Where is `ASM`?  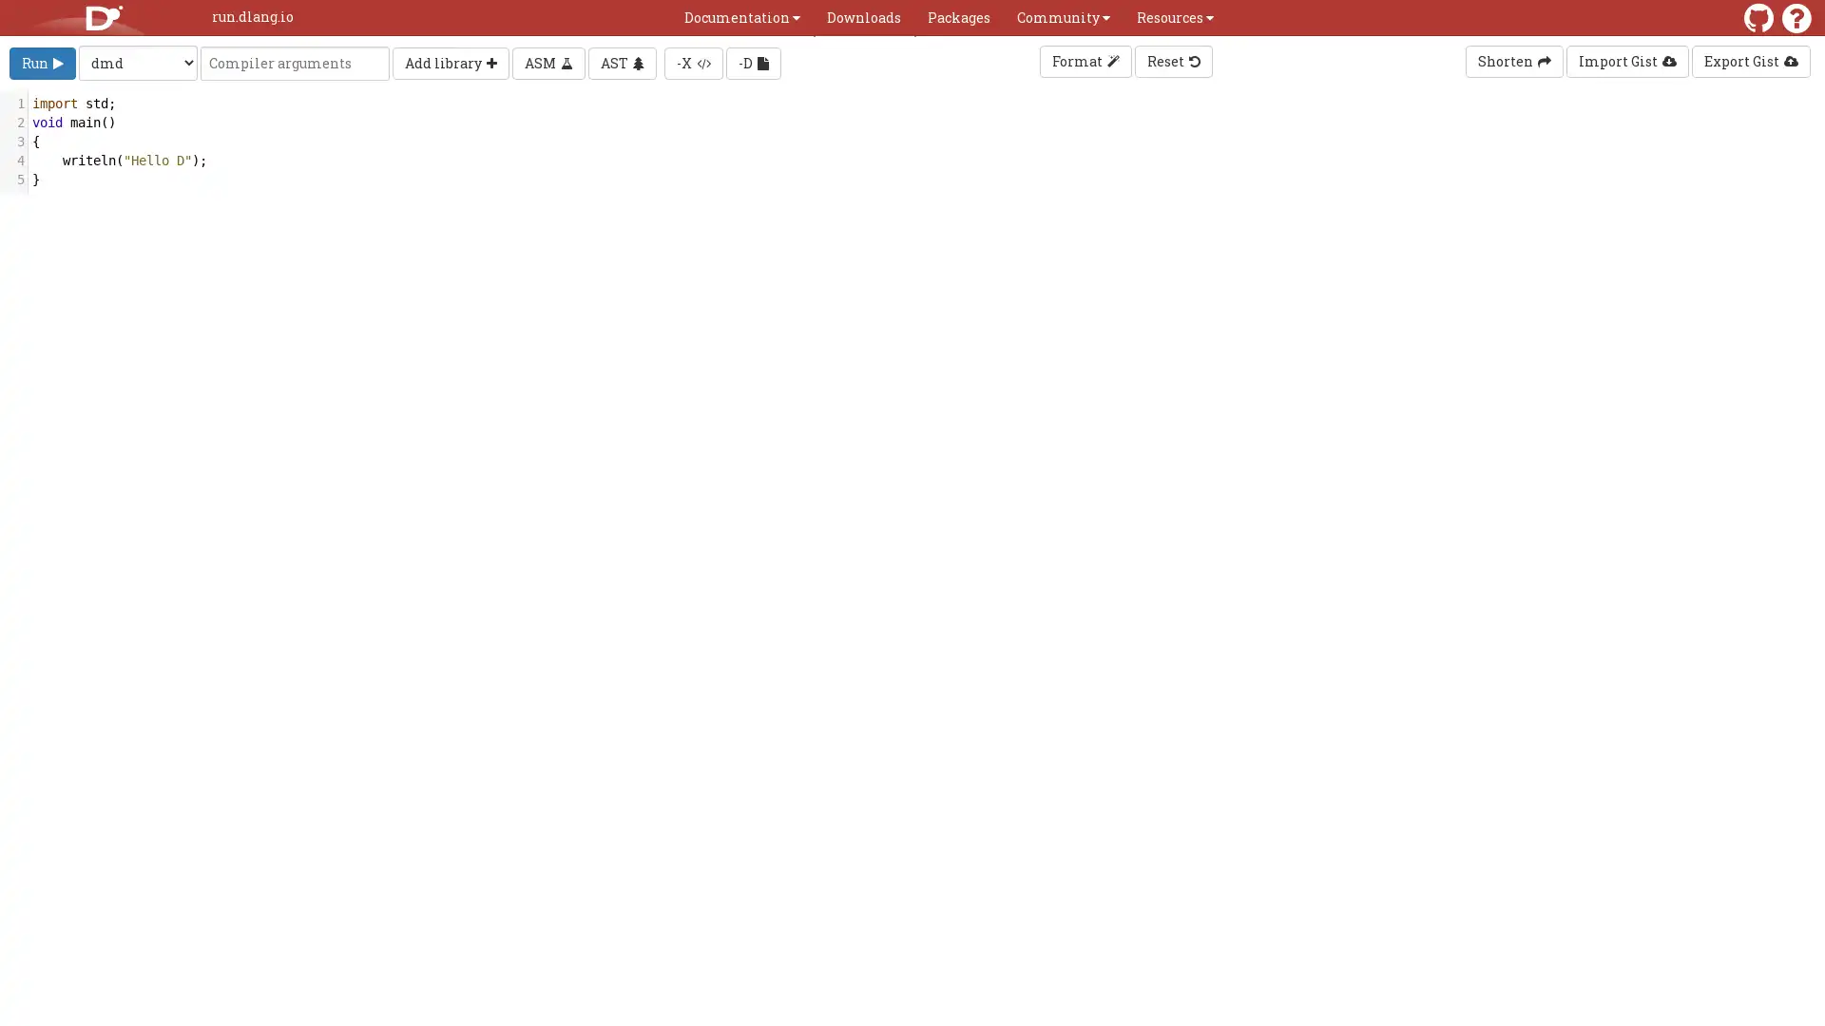 ASM is located at coordinates (547, 61).